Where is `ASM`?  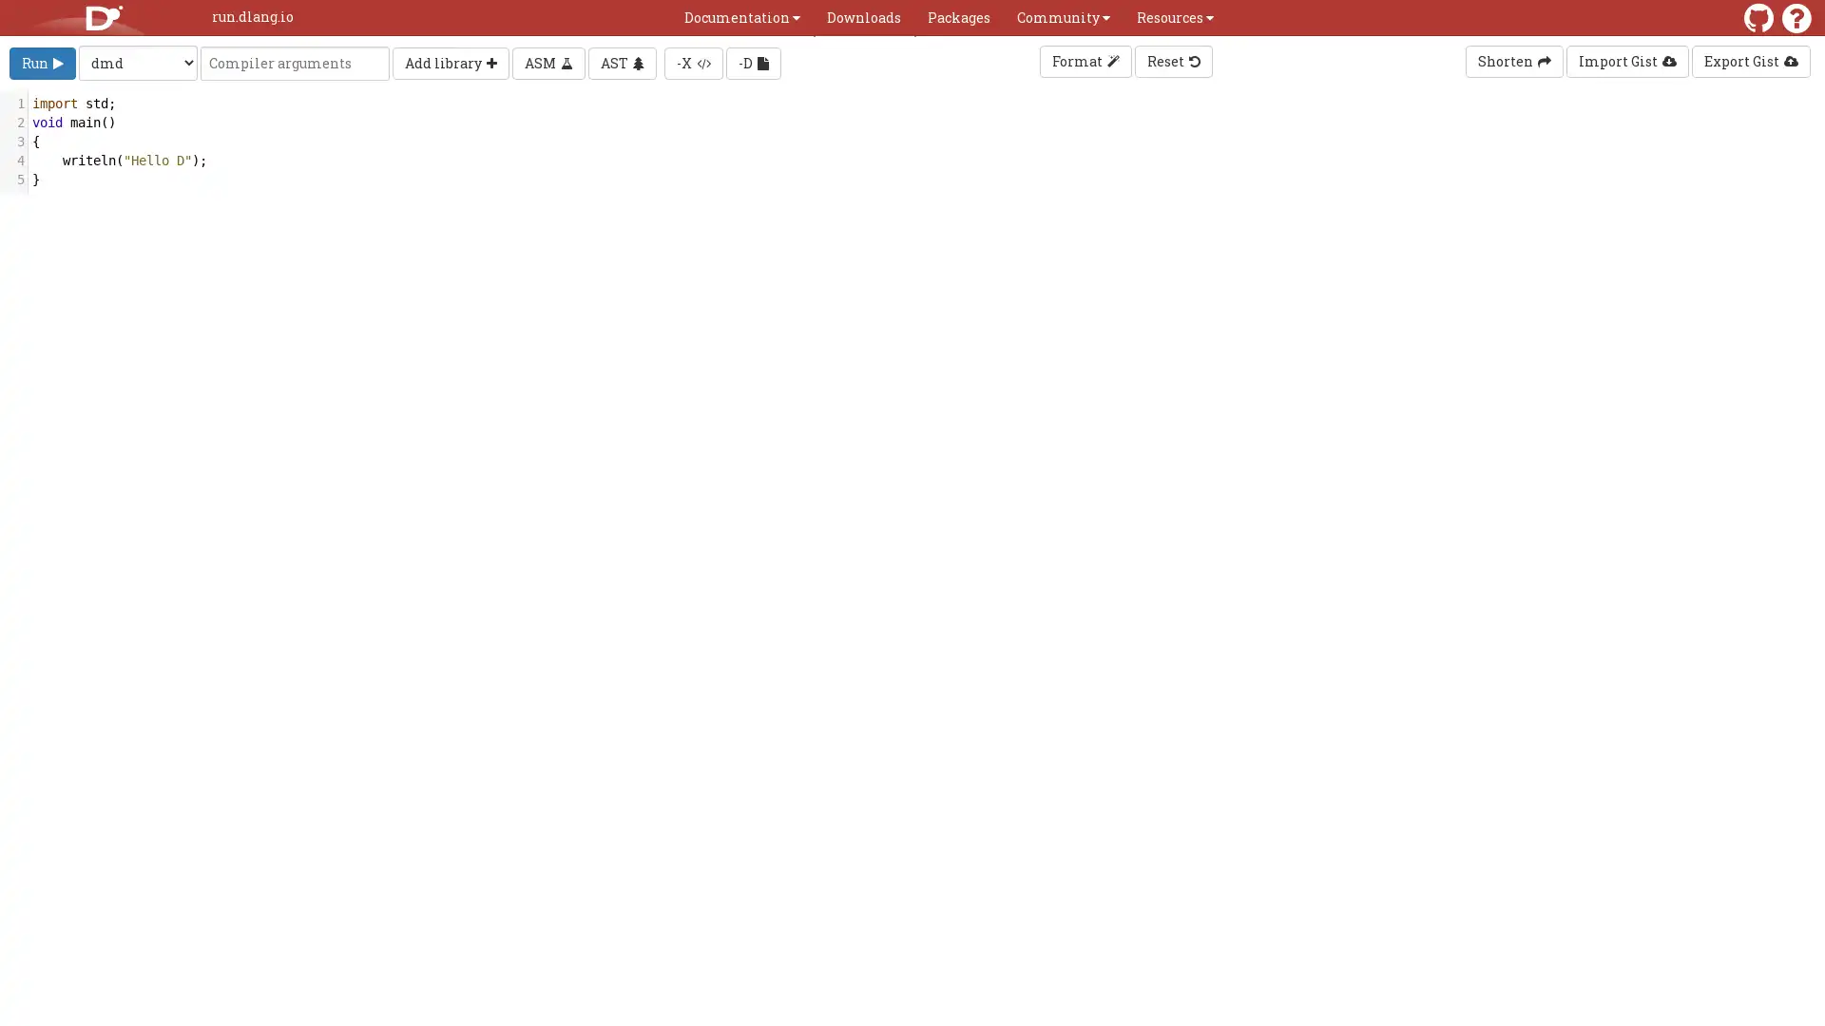 ASM is located at coordinates (547, 61).